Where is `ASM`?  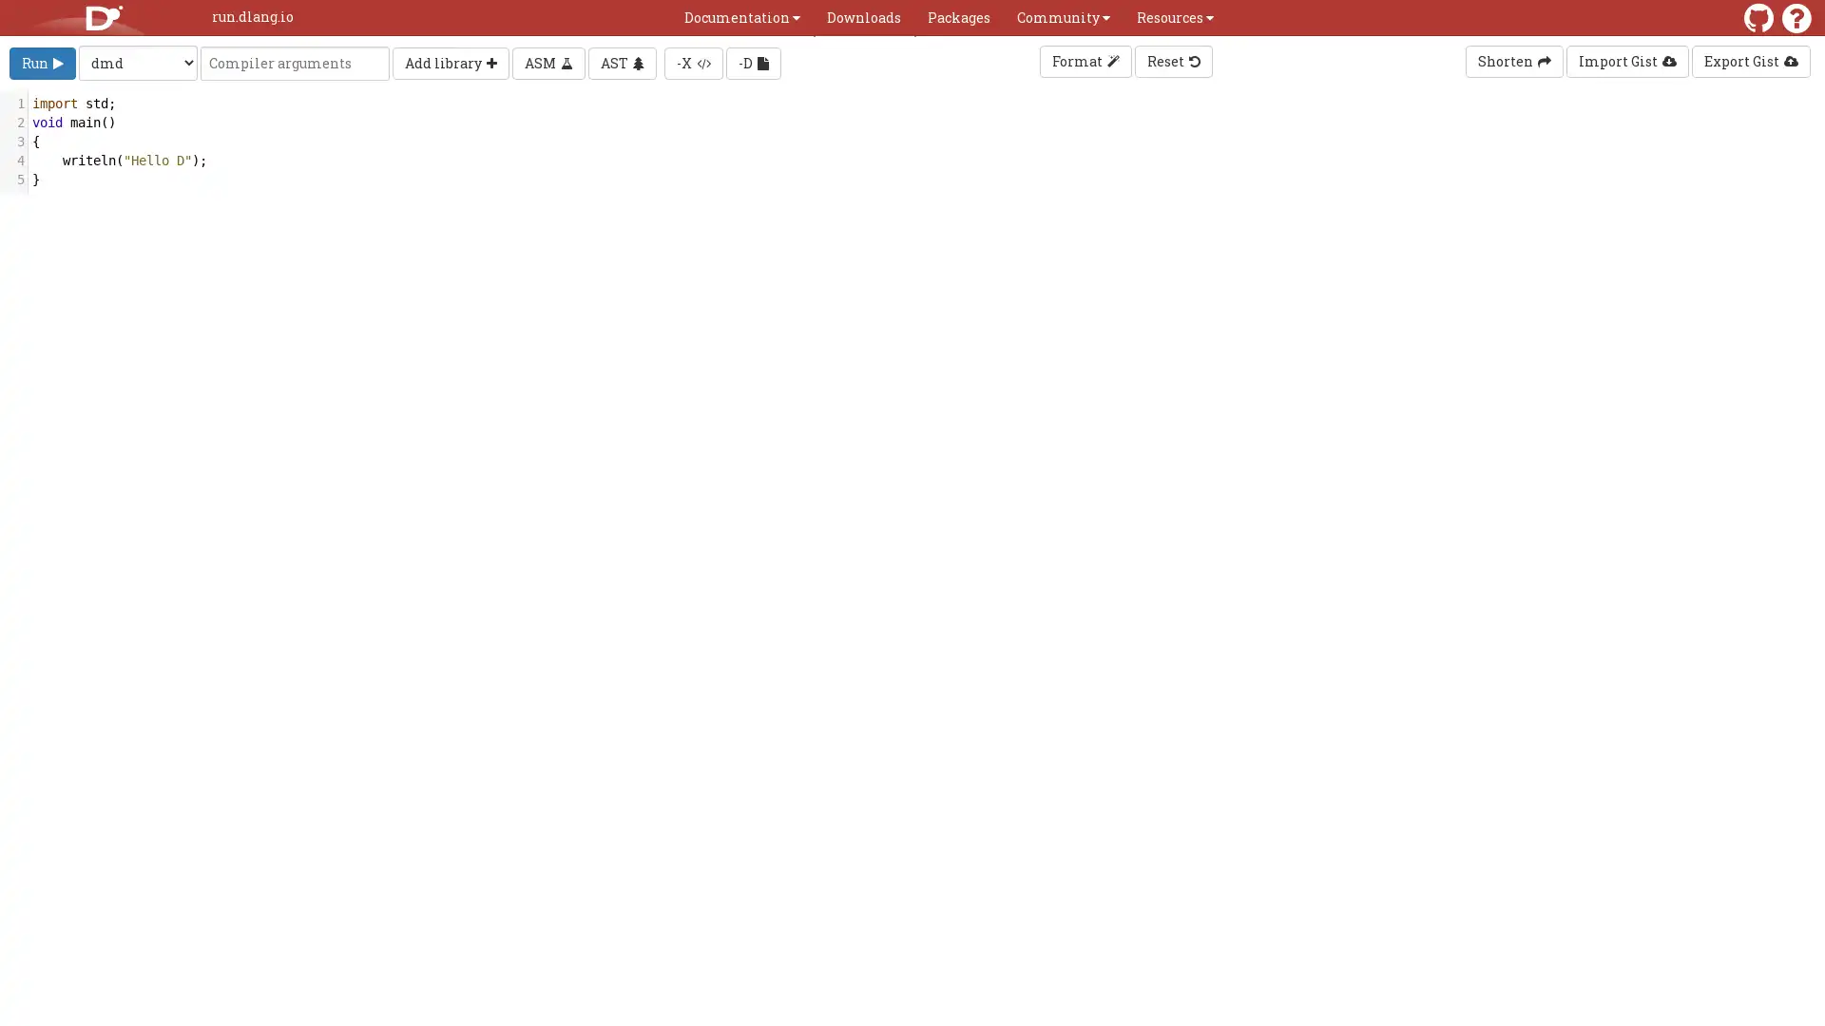 ASM is located at coordinates (547, 61).